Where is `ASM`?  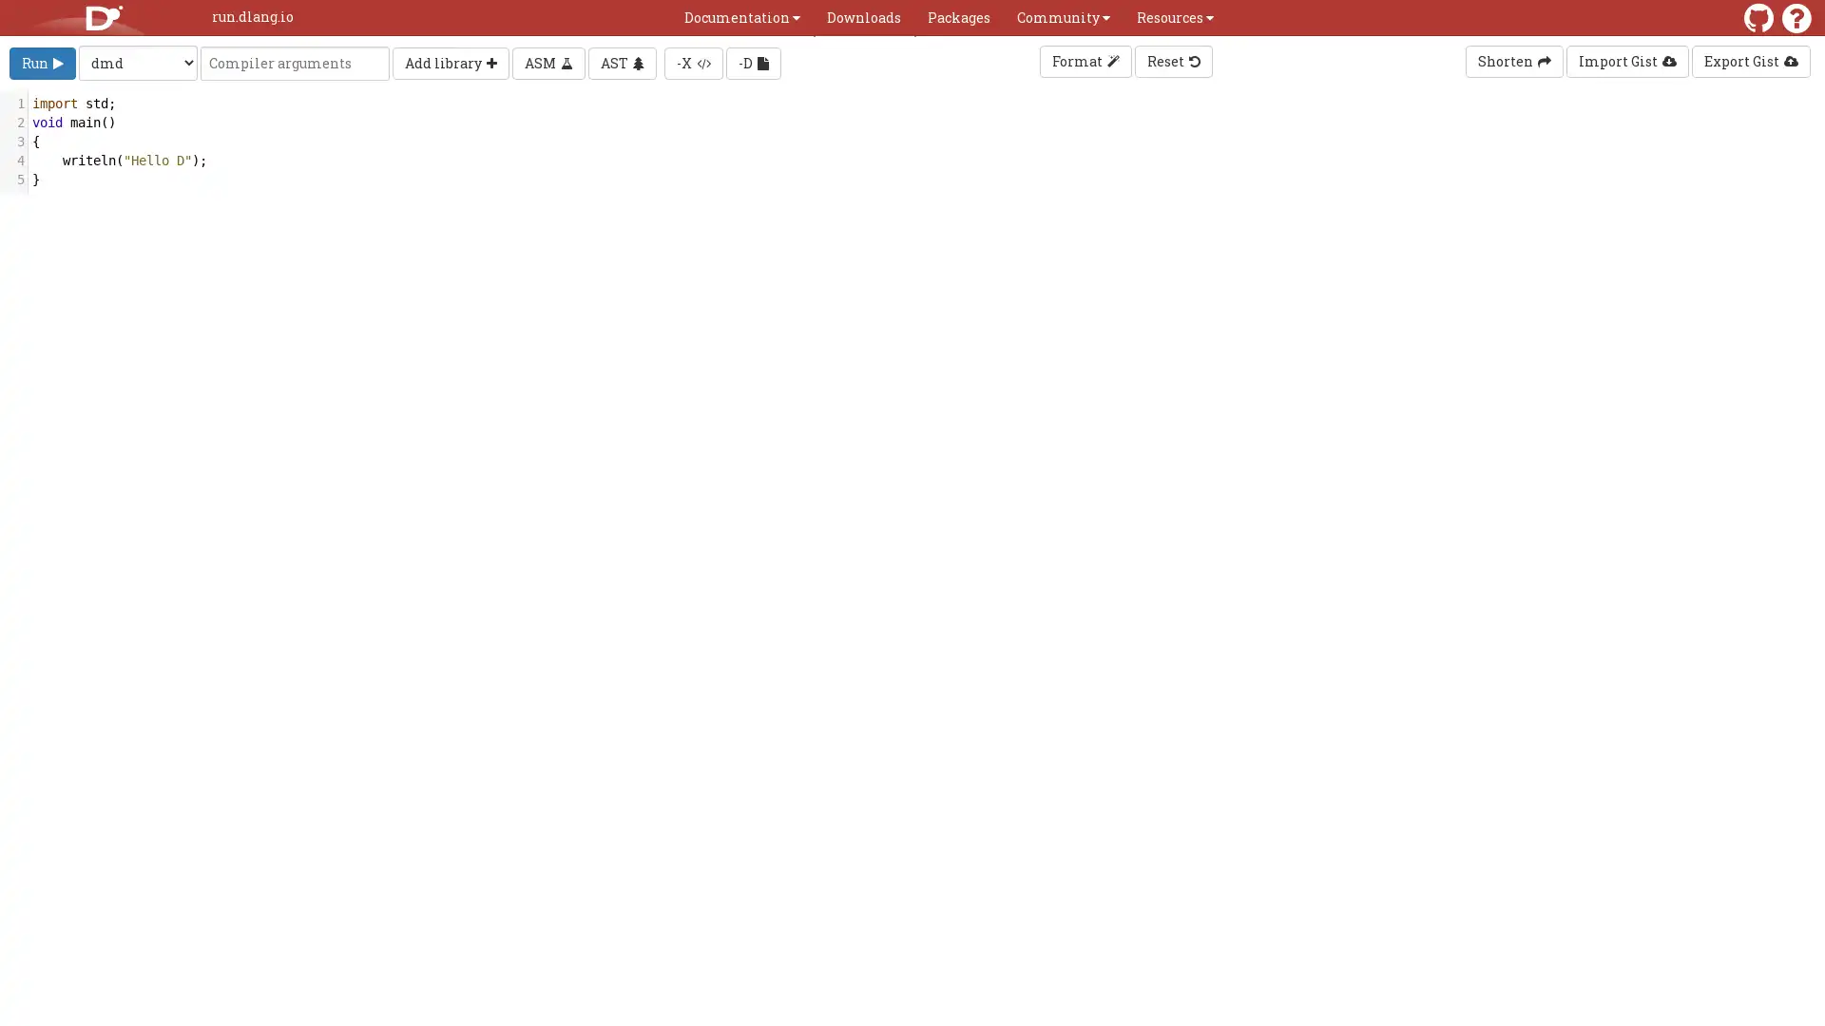 ASM is located at coordinates (547, 61).